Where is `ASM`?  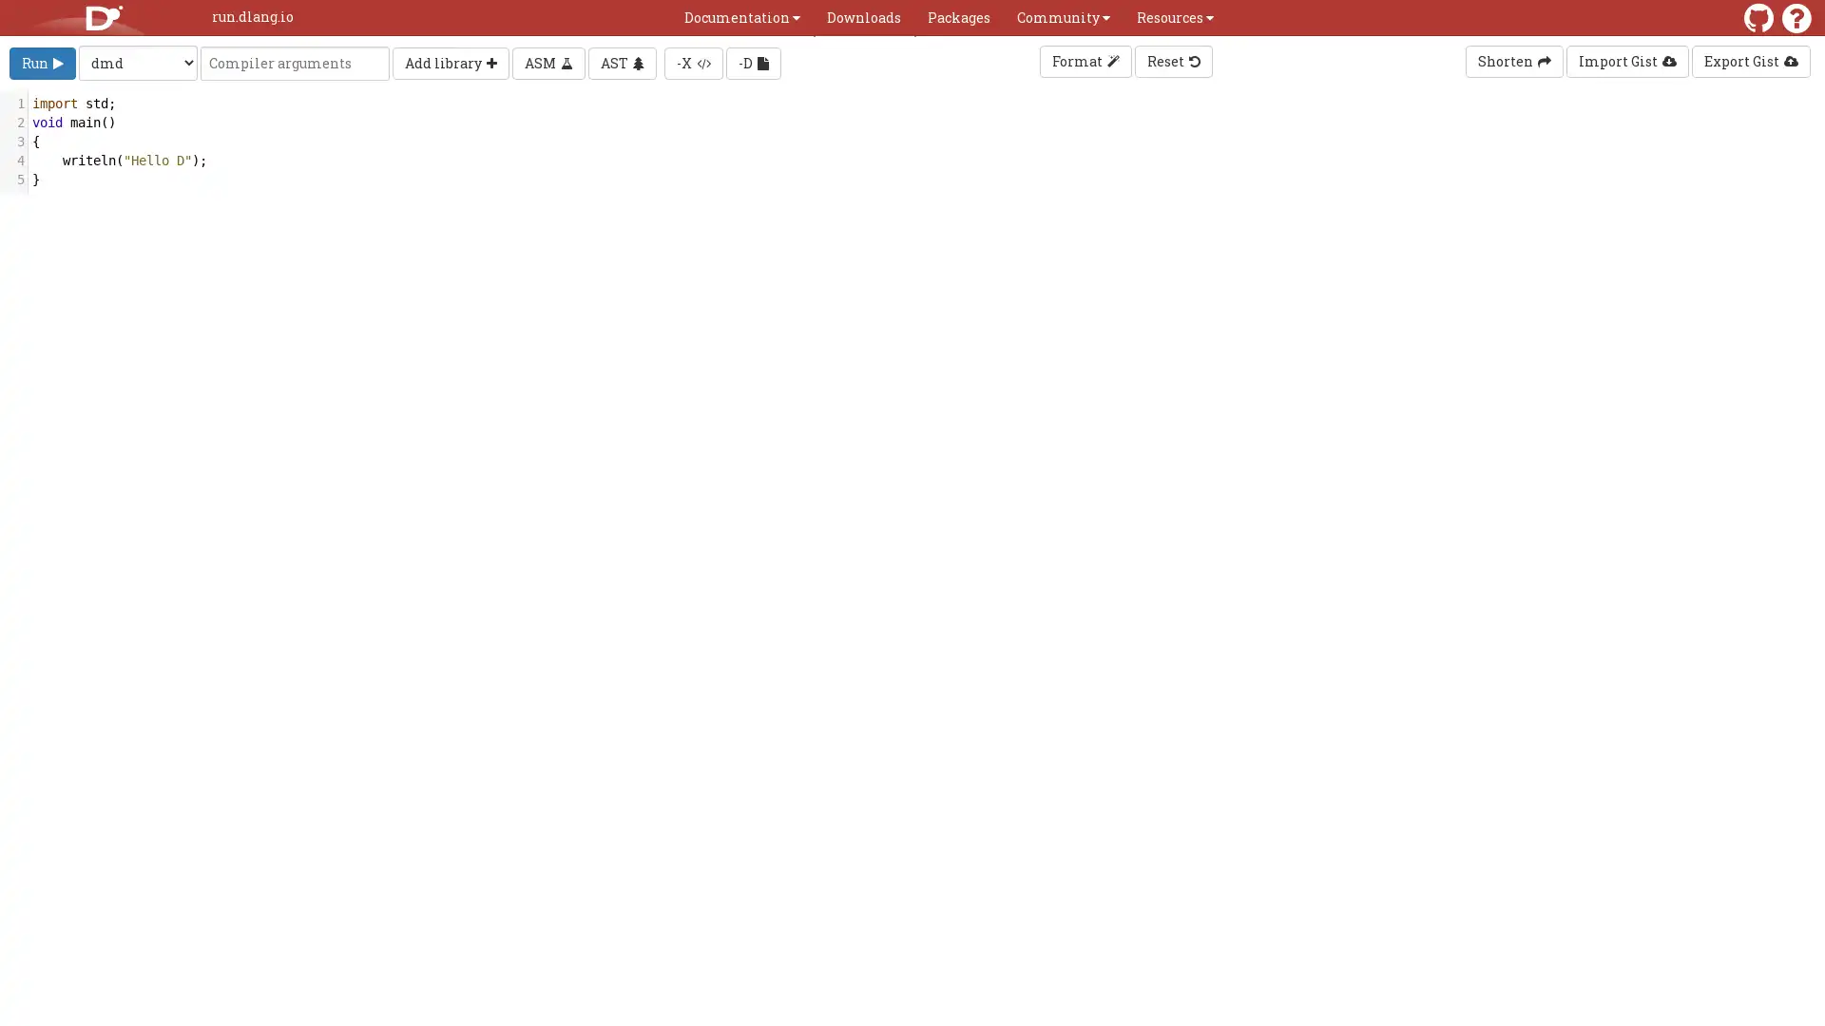 ASM is located at coordinates (547, 61).